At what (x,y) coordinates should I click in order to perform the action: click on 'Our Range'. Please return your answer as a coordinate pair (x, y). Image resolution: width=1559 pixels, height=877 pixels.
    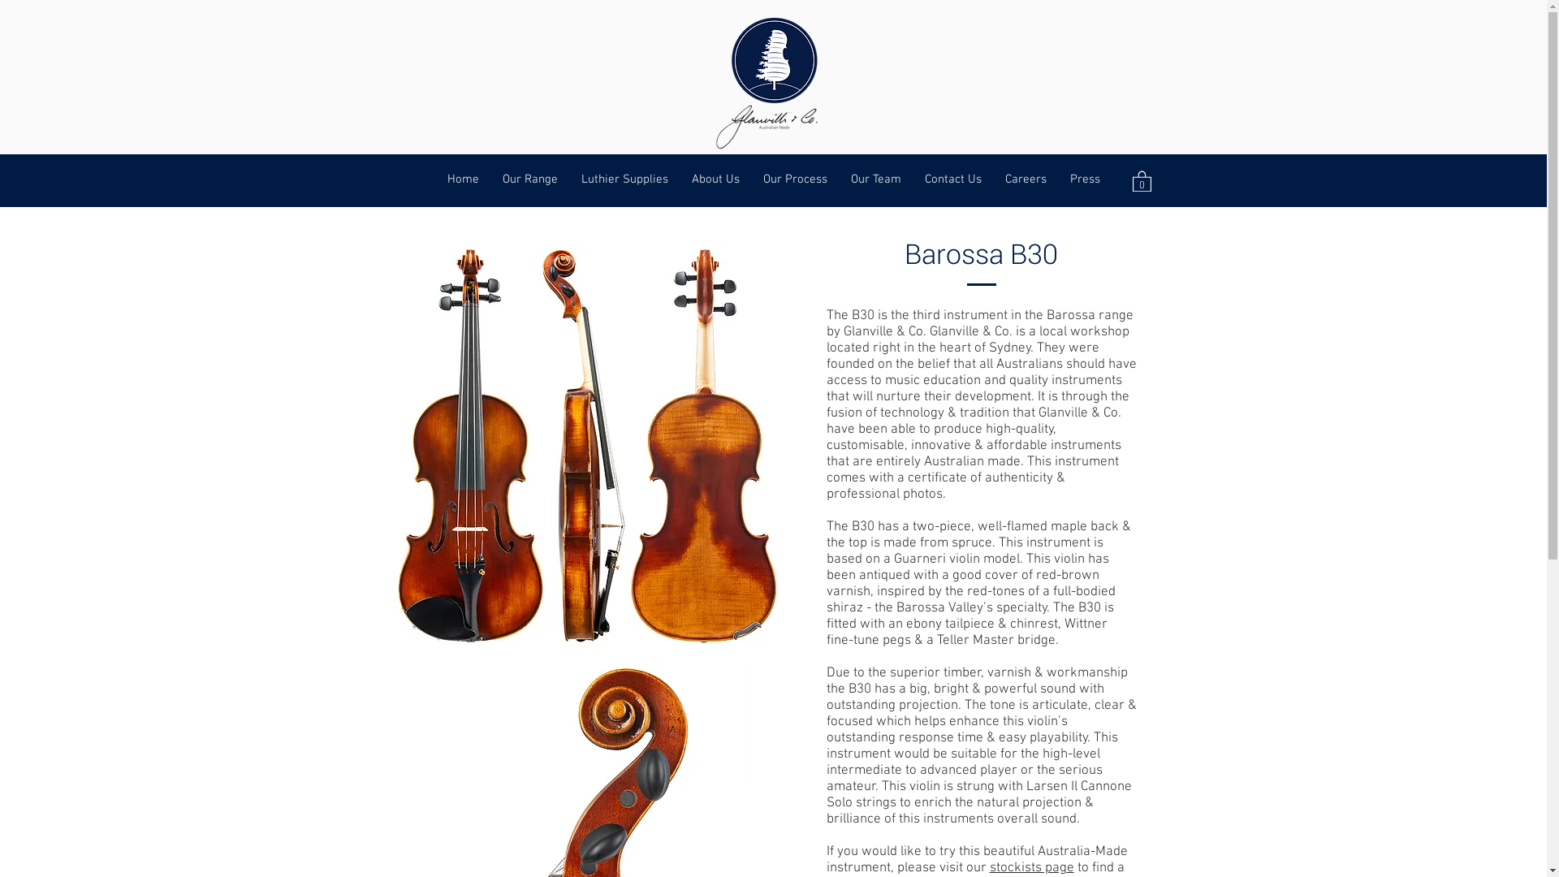
    Looking at the image, I should click on (529, 179).